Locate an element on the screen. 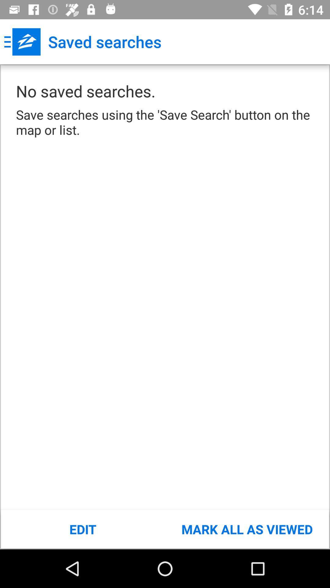 The height and width of the screenshot is (588, 330). app next to saved searches app is located at coordinates (22, 41).